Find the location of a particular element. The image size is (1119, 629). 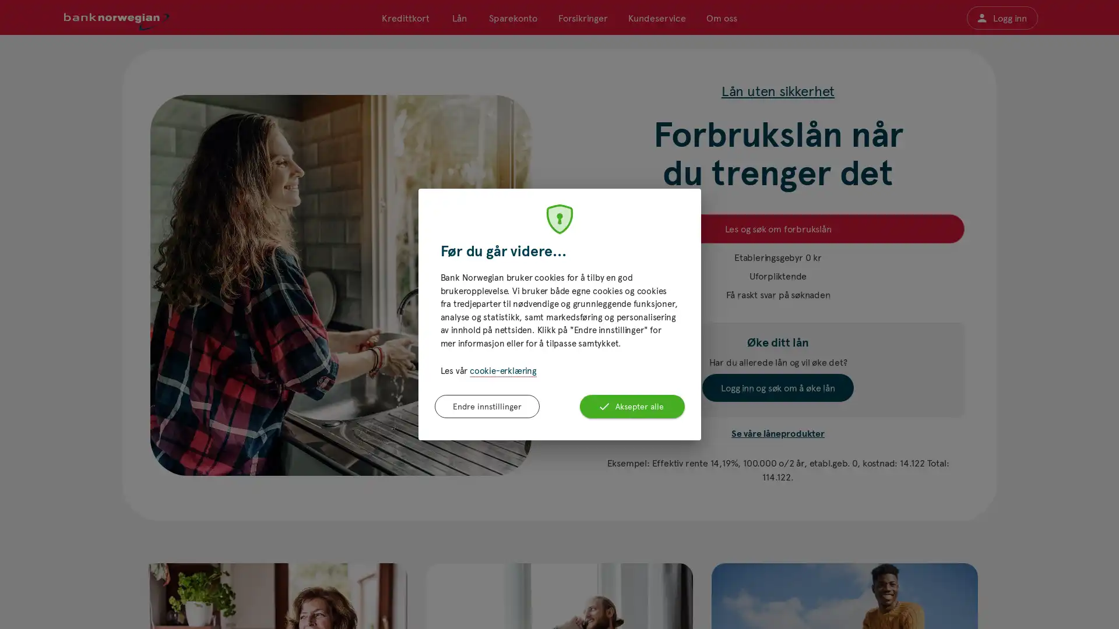

Kundeservice is located at coordinates (656, 17).